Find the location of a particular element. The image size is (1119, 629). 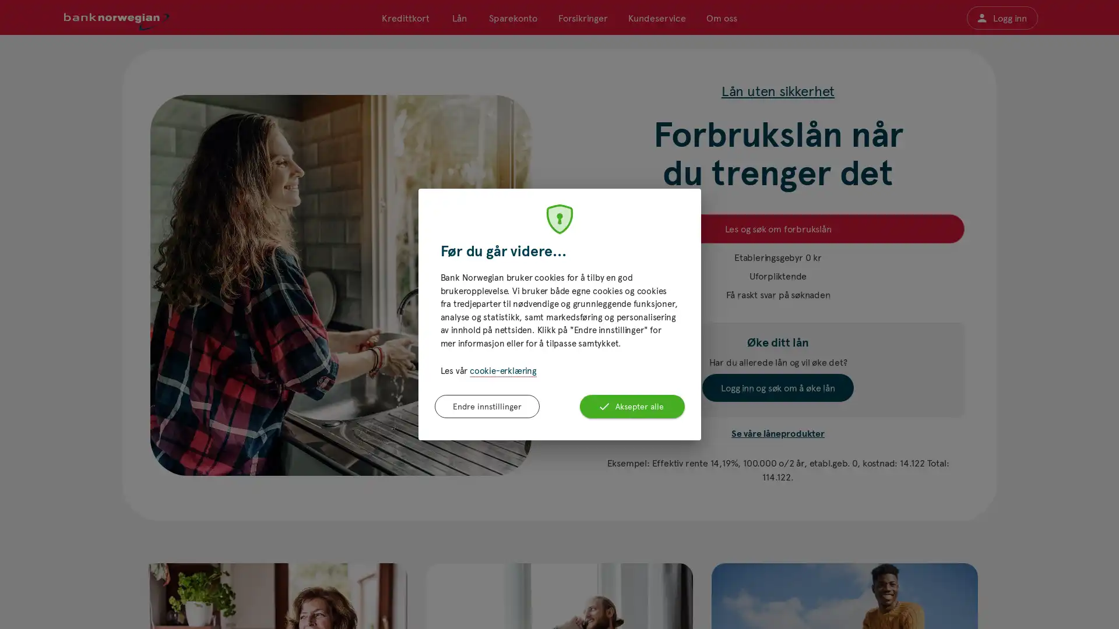

Kundeservice is located at coordinates (656, 17).